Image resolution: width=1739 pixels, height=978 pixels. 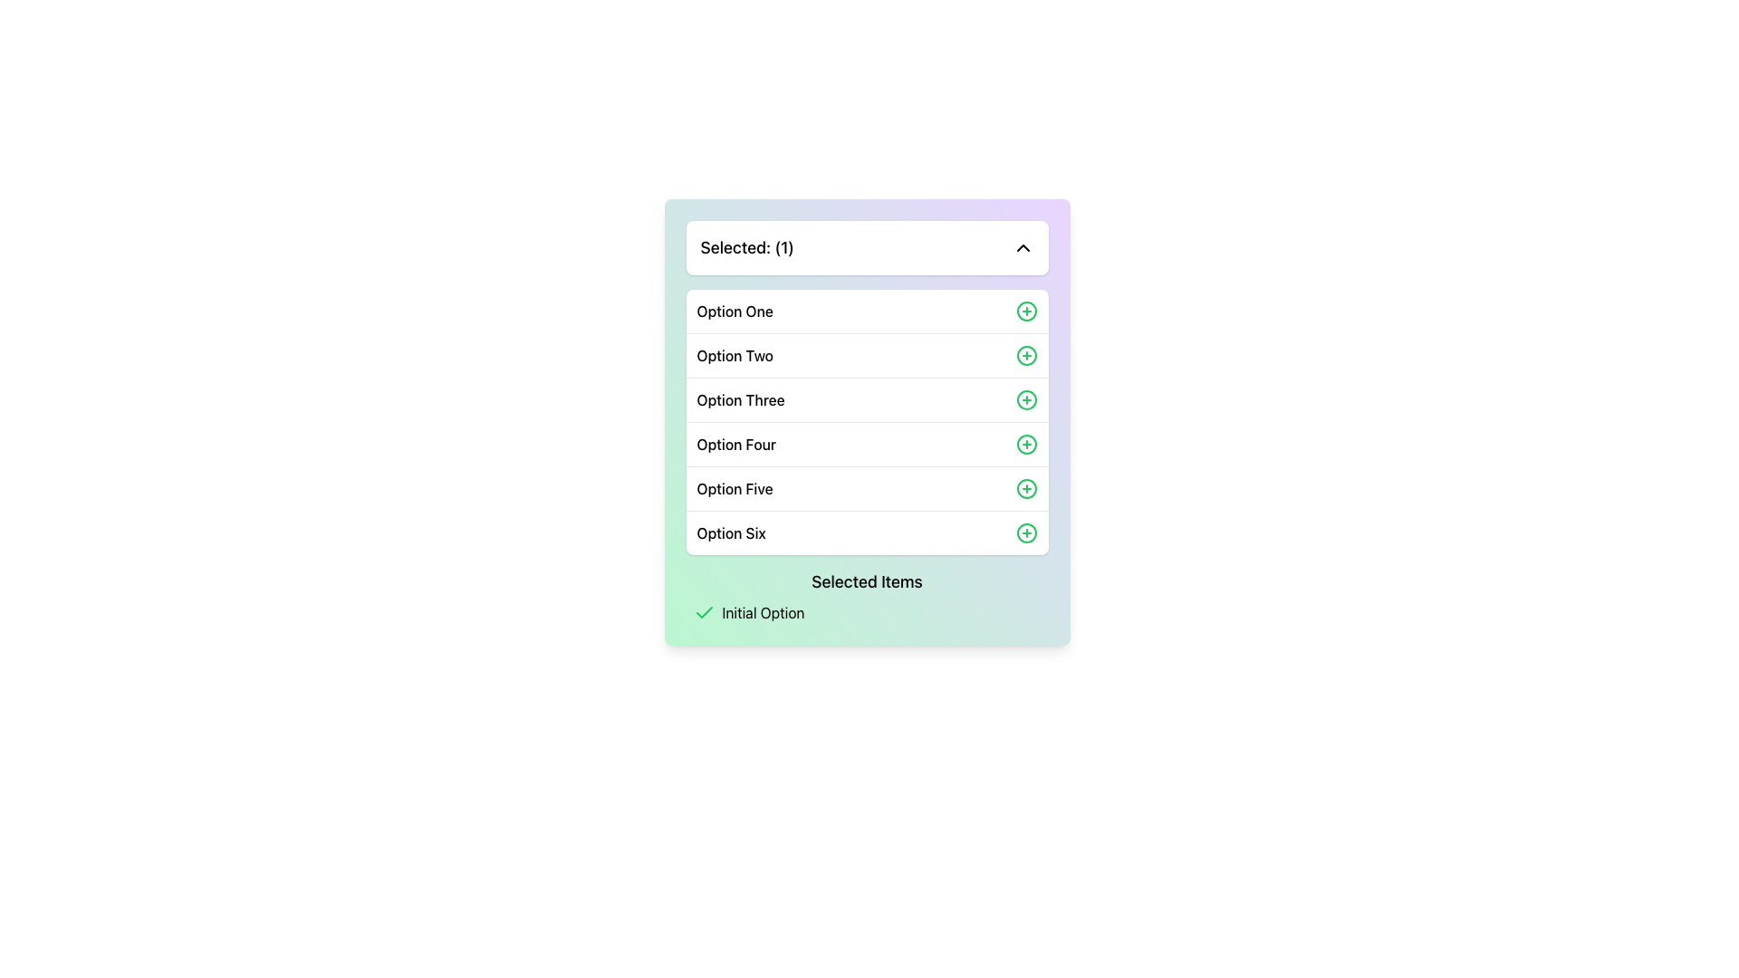 I want to click on the confirmation icon that denotes the selected state for the 'Initial Option' within the 'Selected Items' group, positioned at the bottom-center of the interface, so click(x=703, y=611).